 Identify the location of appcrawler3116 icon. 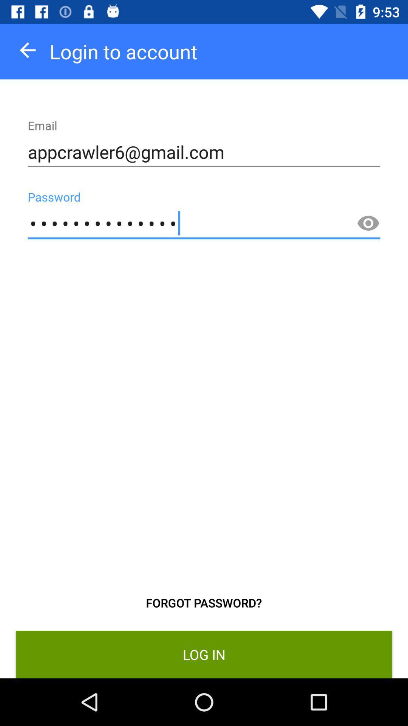
(204, 223).